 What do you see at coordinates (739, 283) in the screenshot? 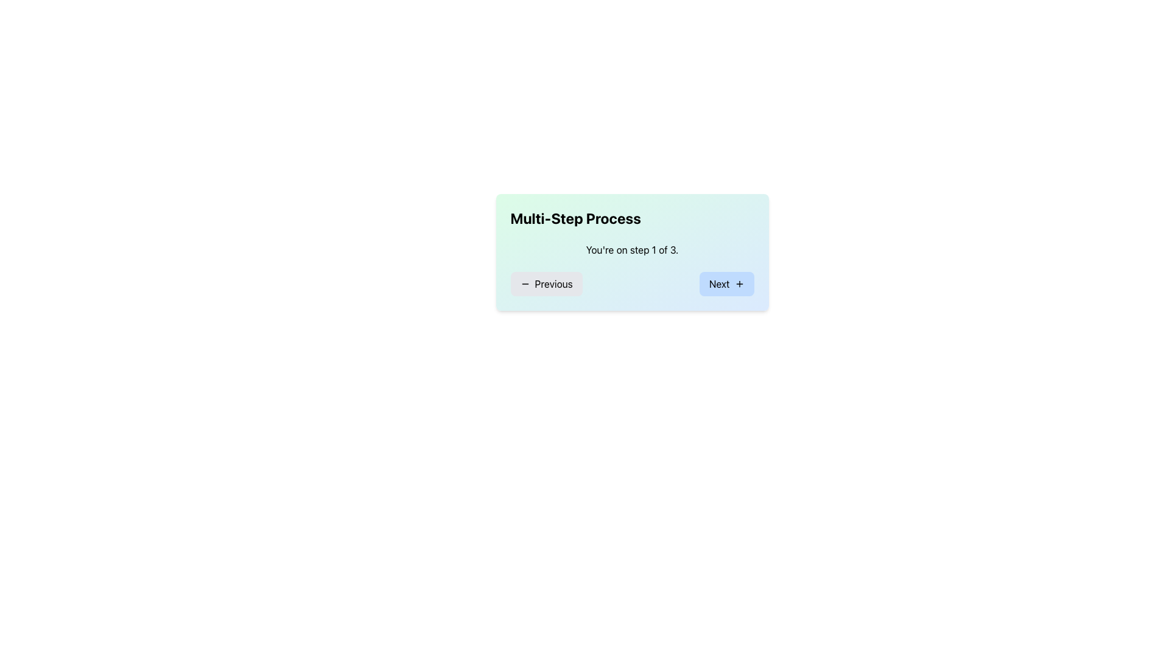
I see `the plus icon embedded in the button located at the bottom-right corner of the card` at bounding box center [739, 283].